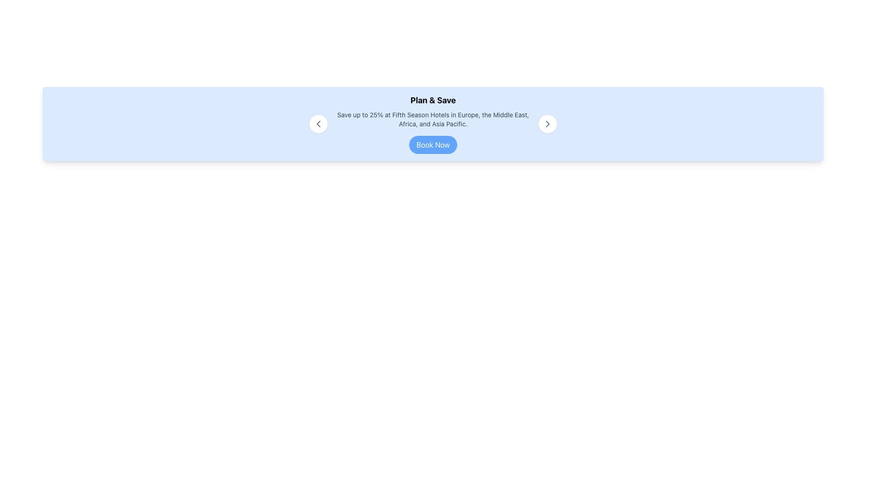 This screenshot has height=489, width=870. What do you see at coordinates (432, 119) in the screenshot?
I see `the text block that states 'Save up to 25% at Fifth Season Hotels in Europe, the Middle East, Africa, and Asia Pacific.' This text block is styled in a small grey font and is located on a light blue background, positioned below the 'Plan & Save' header and above the 'Book Now' button` at bounding box center [432, 119].